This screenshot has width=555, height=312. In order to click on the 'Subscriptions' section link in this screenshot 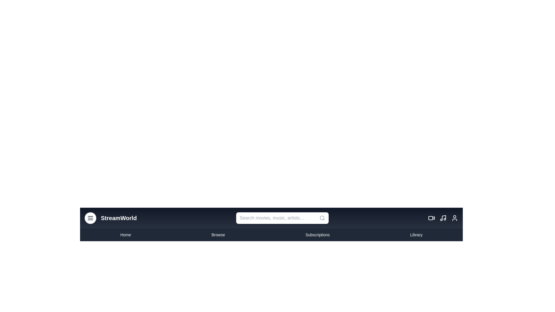, I will do `click(317, 235)`.